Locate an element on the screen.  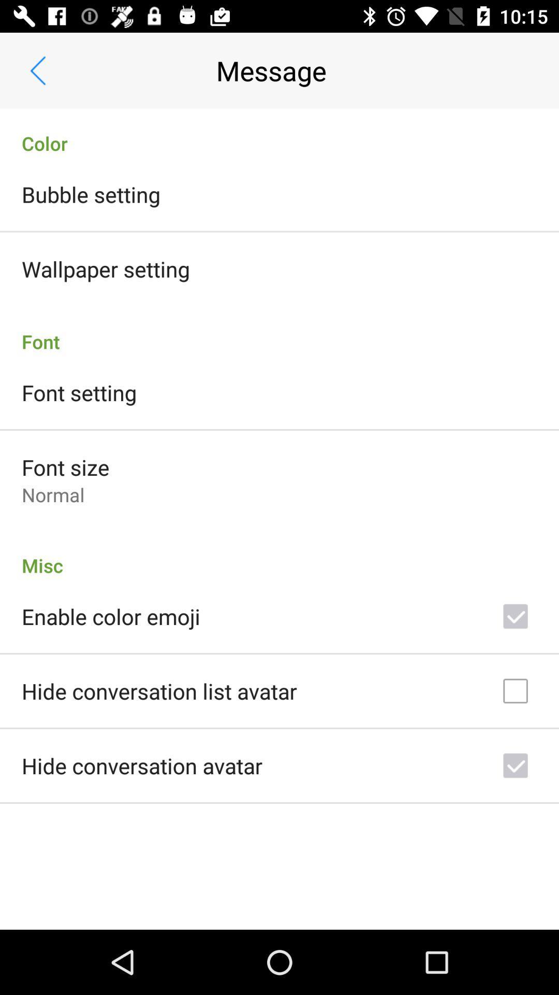
the bubble setting item is located at coordinates (90, 194).